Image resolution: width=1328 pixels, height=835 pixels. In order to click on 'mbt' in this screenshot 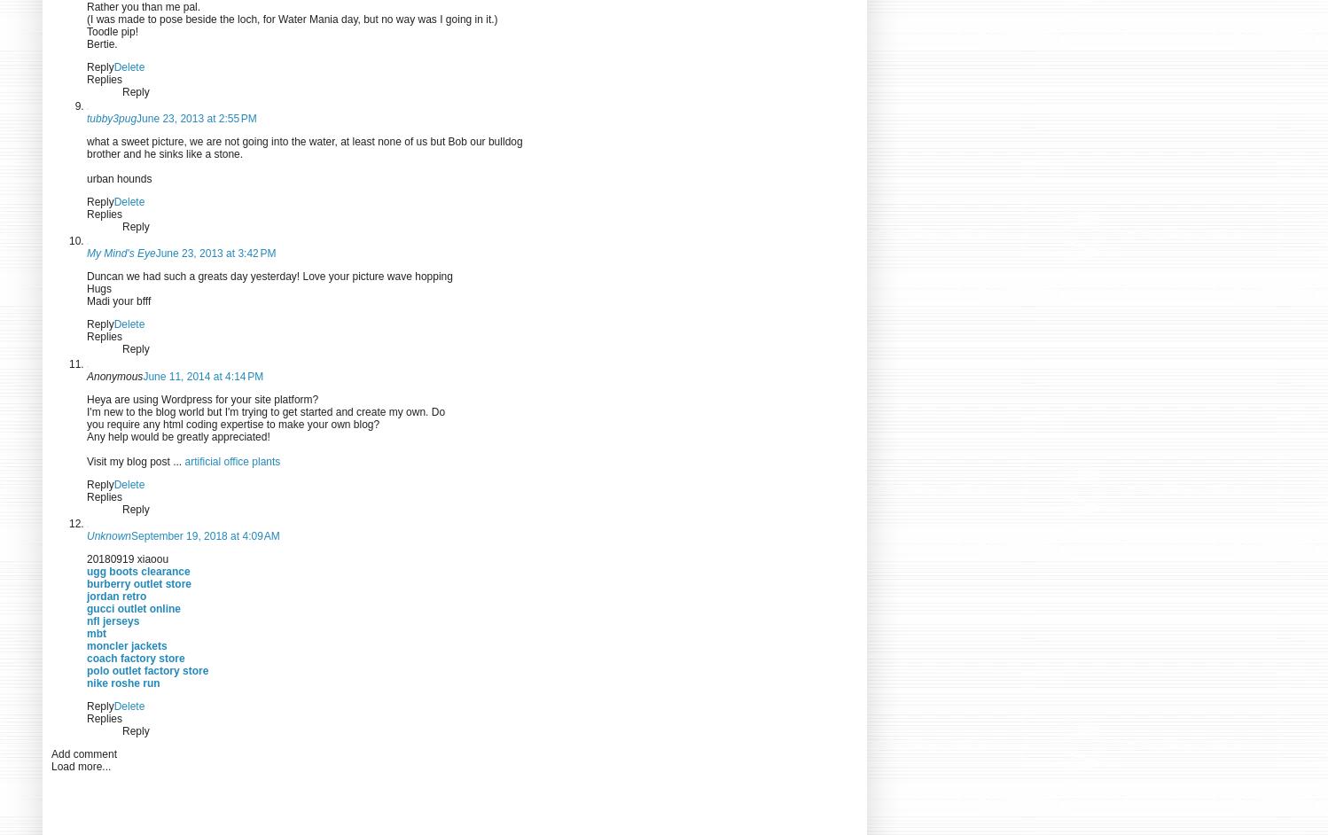, I will do `click(97, 632)`.